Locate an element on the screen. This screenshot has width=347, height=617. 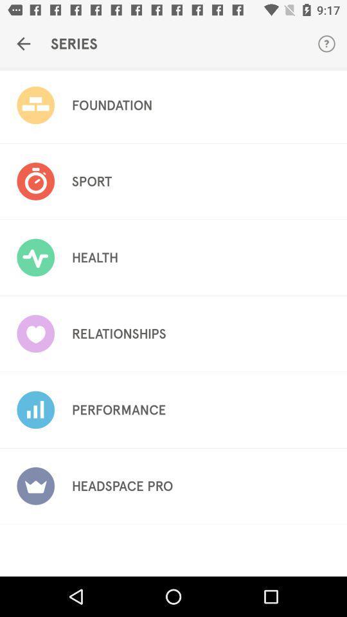
foundation is located at coordinates (112, 105).